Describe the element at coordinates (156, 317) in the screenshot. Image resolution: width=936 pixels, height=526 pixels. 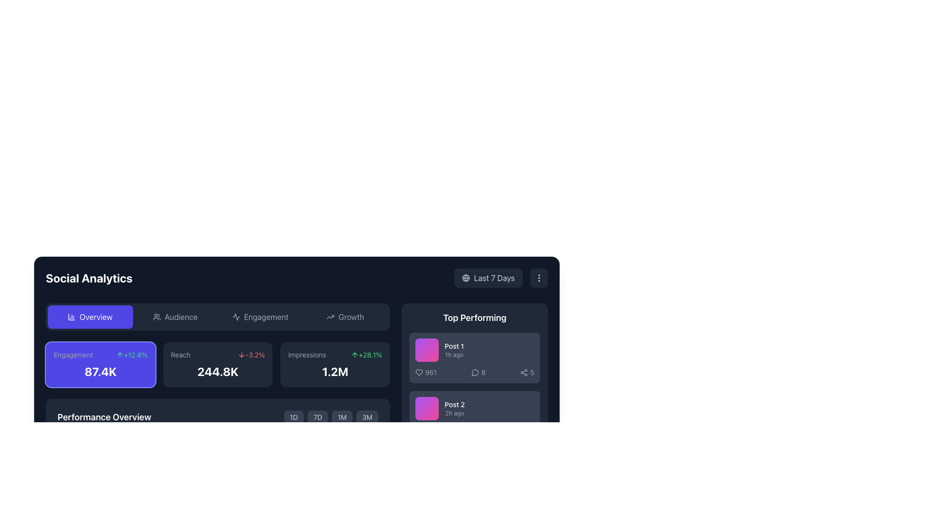
I see `the icon depicting a group of individuals, which is located to the left of the 'Audience' label in the horizontal navigation bar, and is the second item from the left` at that location.